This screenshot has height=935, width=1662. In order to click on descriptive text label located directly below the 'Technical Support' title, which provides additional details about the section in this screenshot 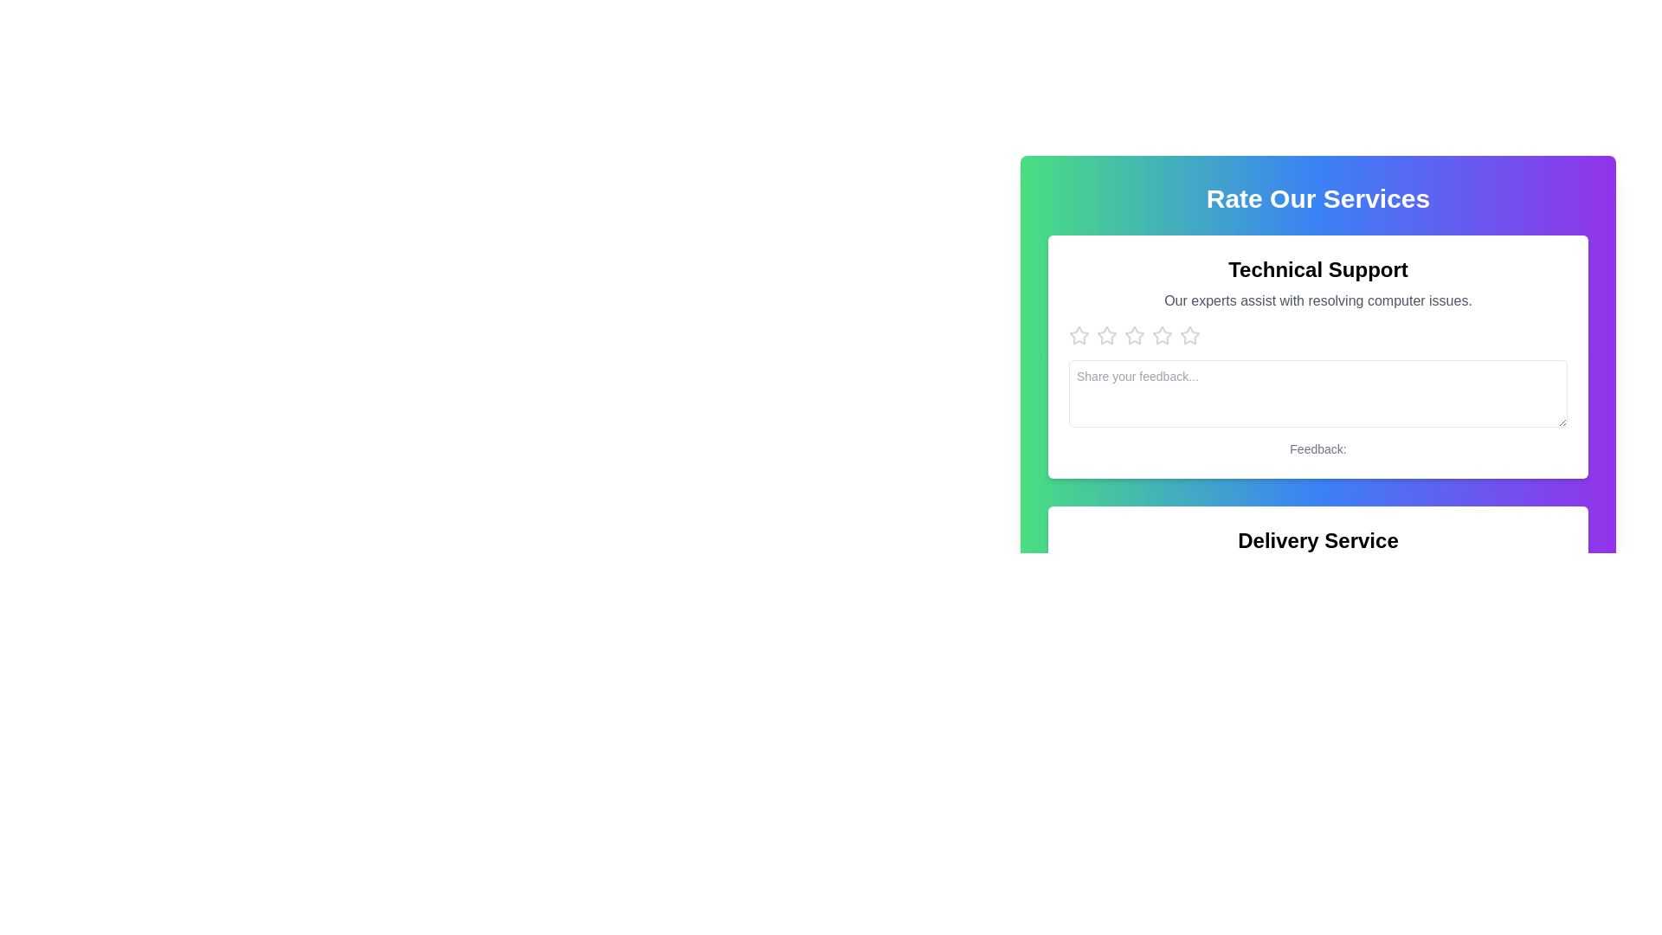, I will do `click(1317, 300)`.